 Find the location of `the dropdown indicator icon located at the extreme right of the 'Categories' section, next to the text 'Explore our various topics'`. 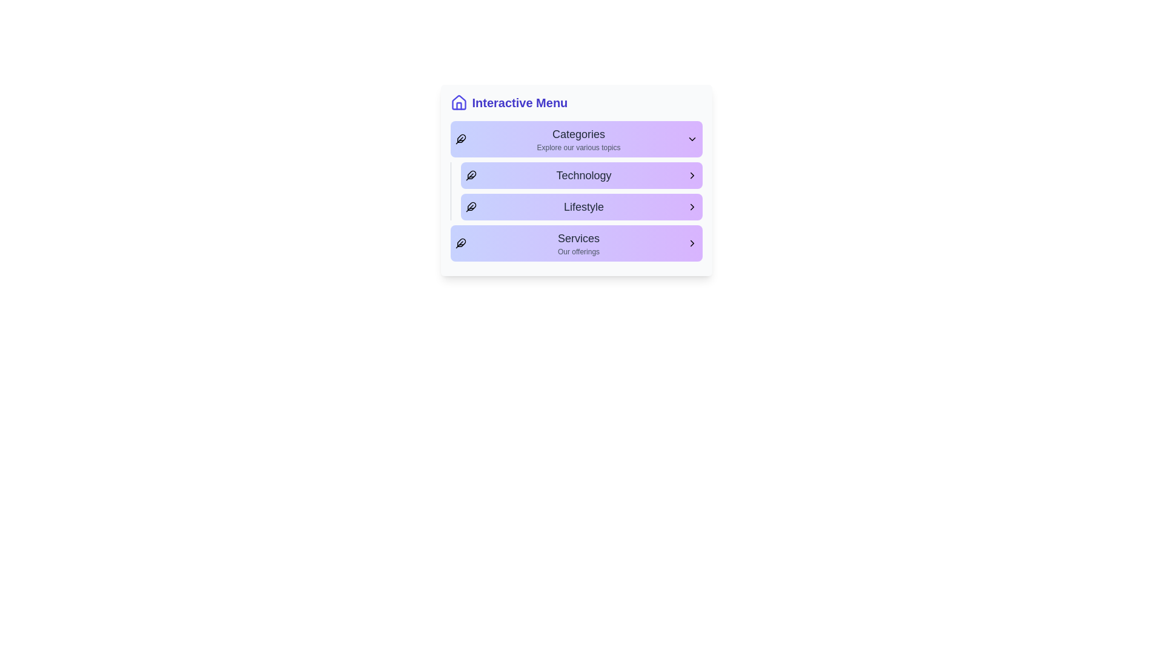

the dropdown indicator icon located at the extreme right of the 'Categories' section, next to the text 'Explore our various topics' is located at coordinates (692, 139).